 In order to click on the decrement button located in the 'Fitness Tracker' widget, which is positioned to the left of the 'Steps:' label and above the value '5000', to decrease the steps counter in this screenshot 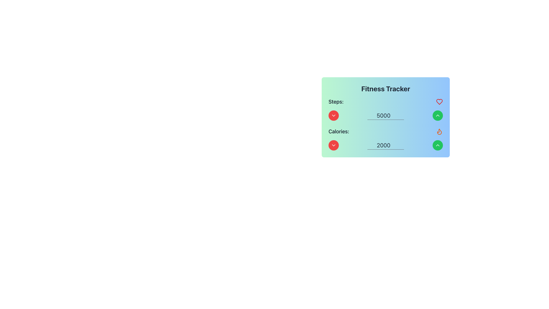, I will do `click(333, 116)`.